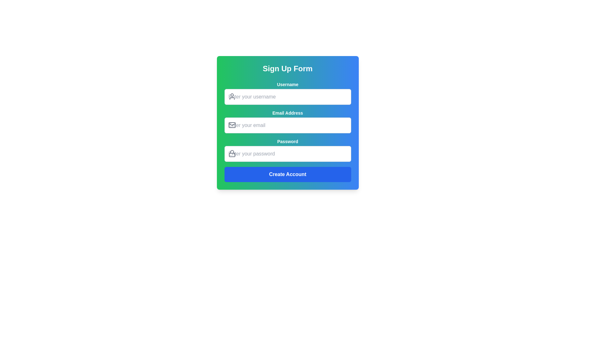  Describe the element at coordinates (287, 174) in the screenshot. I see `the submission button located at the bottom of the form layout to observe the hover effect` at that location.